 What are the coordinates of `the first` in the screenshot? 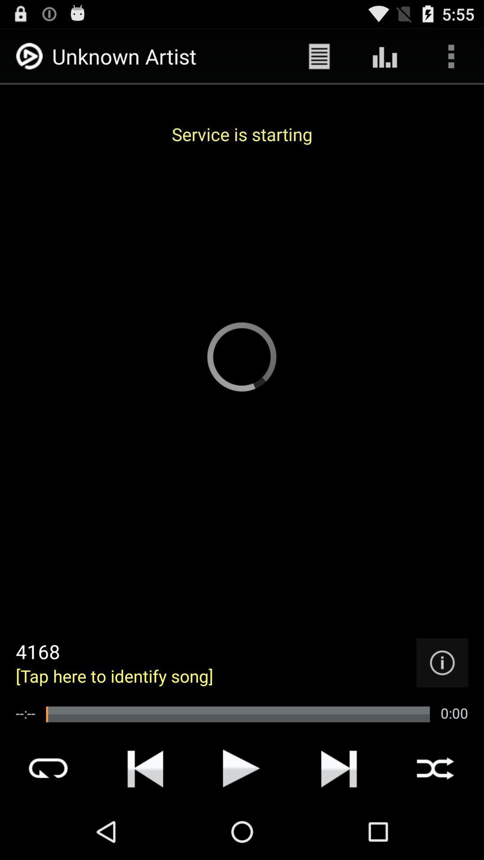 It's located at (145, 768).